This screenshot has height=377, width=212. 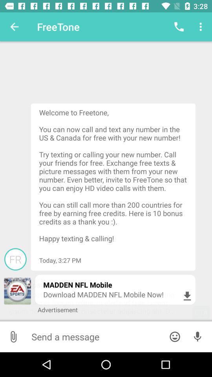 I want to click on the attach_file icon, so click(x=13, y=336).